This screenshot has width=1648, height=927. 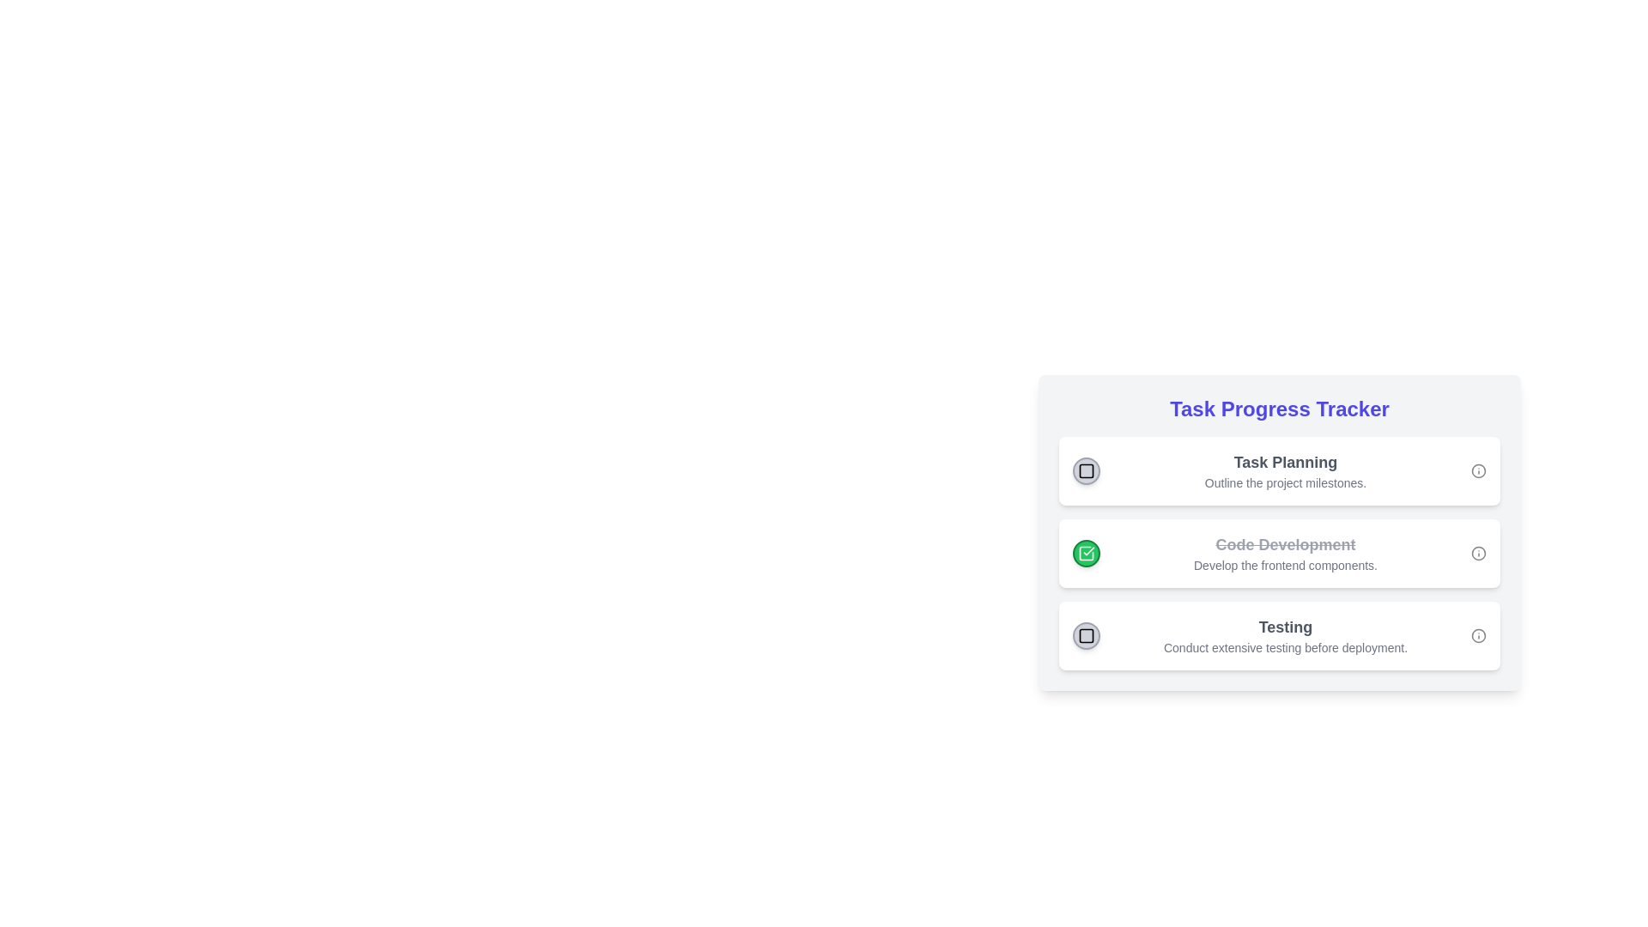 I want to click on the struck-through gray text element, which indicates it is completed or inactive, positioned above the smaller descriptive text in the vertically stacked list, so click(x=1285, y=545).